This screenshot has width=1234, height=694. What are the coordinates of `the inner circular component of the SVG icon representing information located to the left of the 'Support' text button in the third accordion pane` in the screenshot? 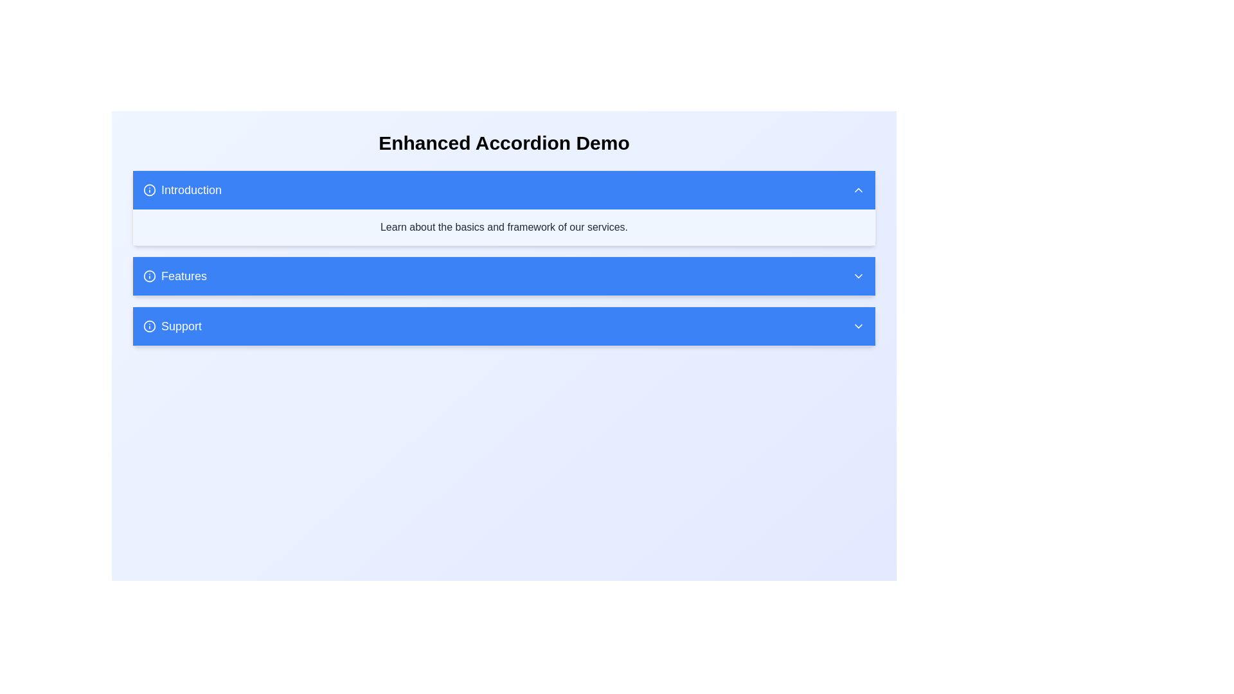 It's located at (150, 325).